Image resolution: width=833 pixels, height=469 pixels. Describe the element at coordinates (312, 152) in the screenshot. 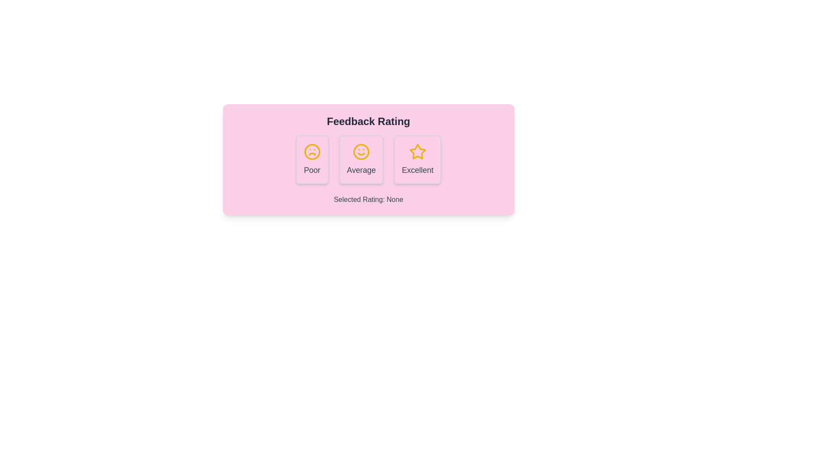

I see `the 'Poor' rating icon, which is the leftmost element in the rating selections` at that location.